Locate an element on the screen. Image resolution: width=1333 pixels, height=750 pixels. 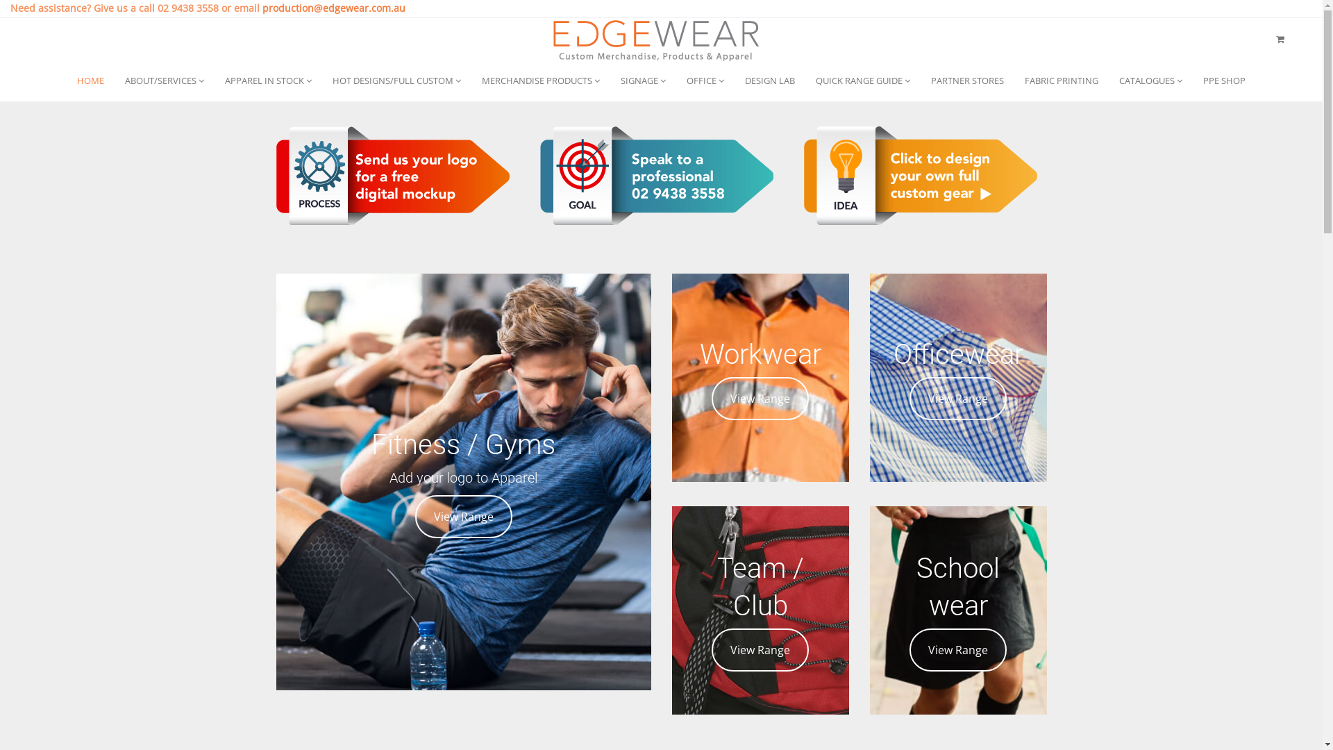
'FABRIC PRINTING' is located at coordinates (1014, 80).